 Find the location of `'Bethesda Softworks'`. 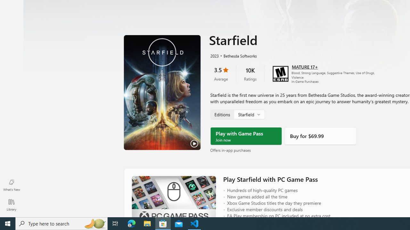

'Bethesda Softworks' is located at coordinates (237, 55).